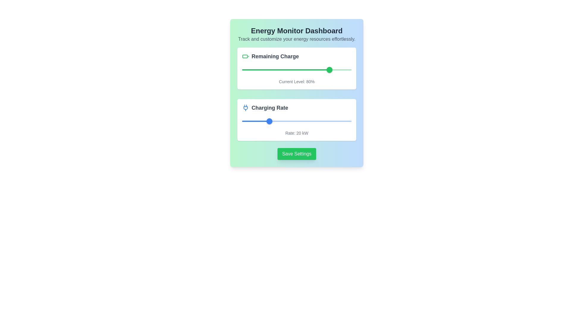 The image size is (571, 321). I want to click on slider value, so click(244, 70).